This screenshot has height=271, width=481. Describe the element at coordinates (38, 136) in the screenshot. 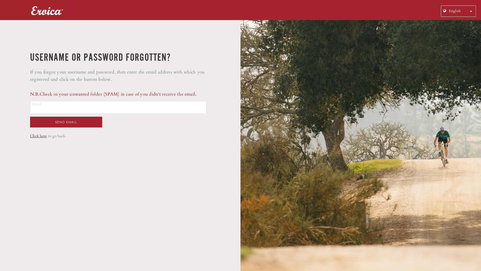

I see `'Click here'` at that location.